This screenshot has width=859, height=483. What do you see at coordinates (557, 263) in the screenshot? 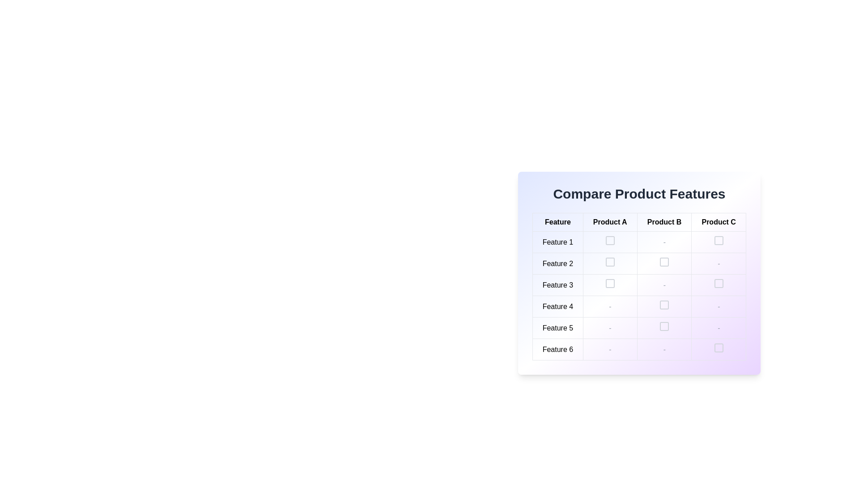
I see `the label identifying the feature being compared in the second row of the table under the 'Feature' column` at bounding box center [557, 263].